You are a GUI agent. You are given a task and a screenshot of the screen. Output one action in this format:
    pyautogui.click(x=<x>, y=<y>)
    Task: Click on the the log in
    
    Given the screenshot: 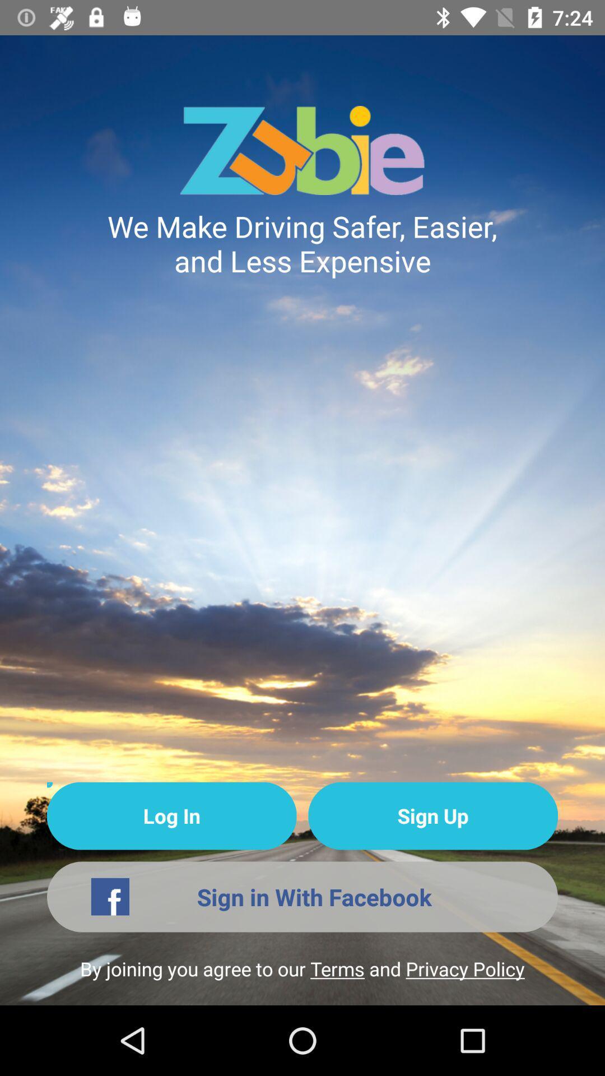 What is the action you would take?
    pyautogui.click(x=171, y=816)
    